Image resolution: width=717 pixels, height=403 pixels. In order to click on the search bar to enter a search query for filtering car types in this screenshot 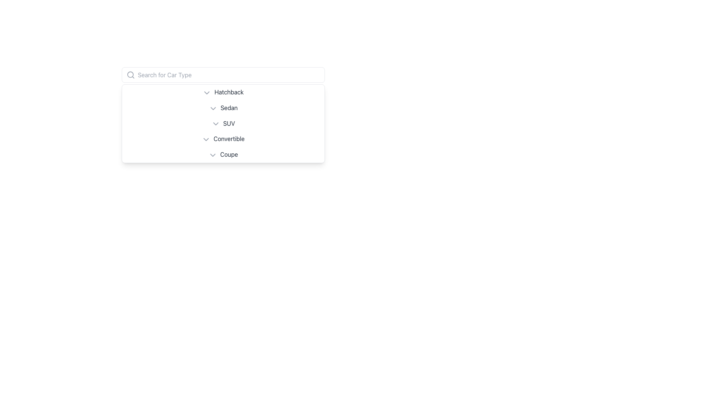, I will do `click(223, 75)`.